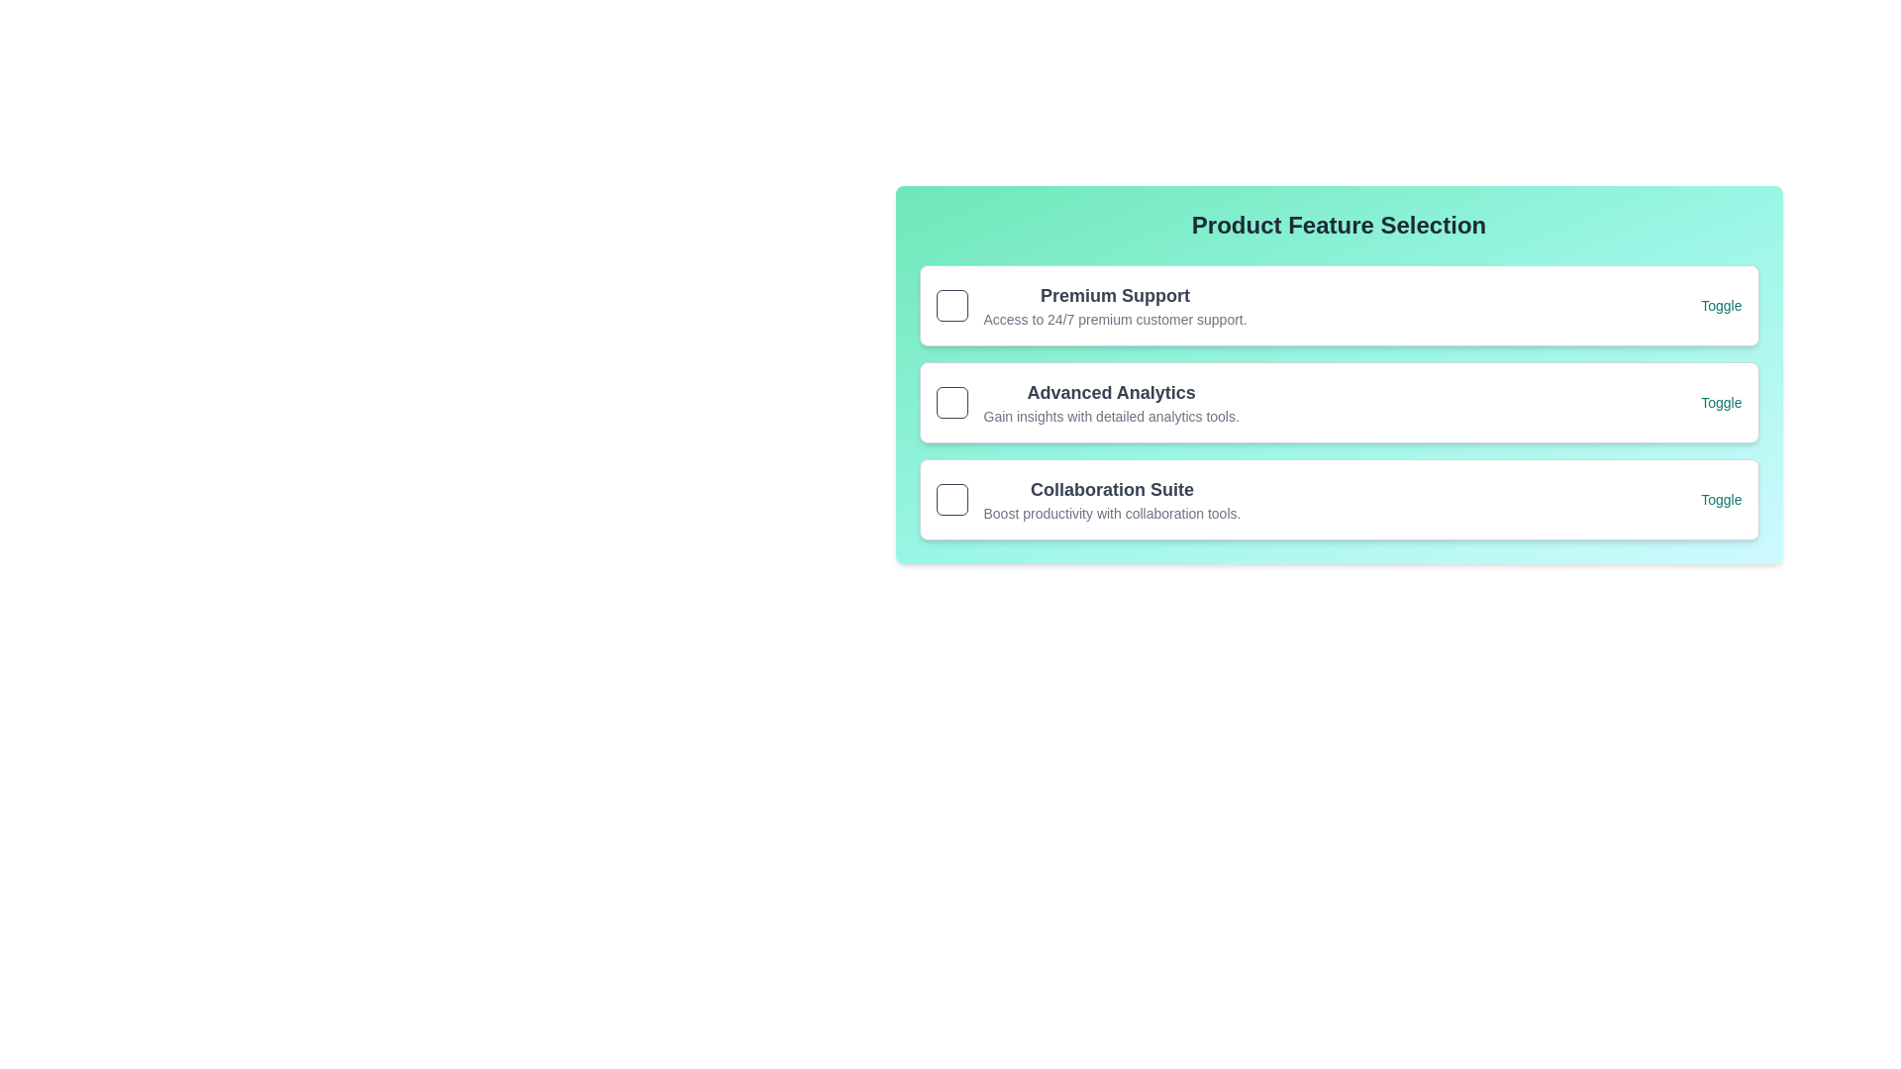  Describe the element at coordinates (1112, 513) in the screenshot. I see `the text label displaying 'Boost productivity with collaboration tools.' positioned below the 'Collaboration Suite' heading` at that location.